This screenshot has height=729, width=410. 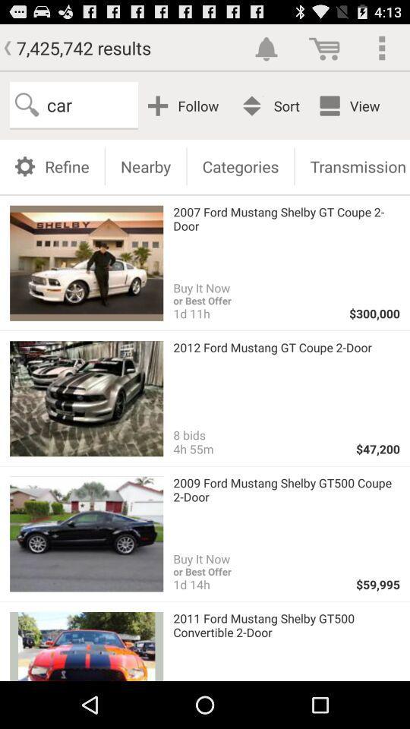 What do you see at coordinates (352, 166) in the screenshot?
I see `the transmission button` at bounding box center [352, 166].